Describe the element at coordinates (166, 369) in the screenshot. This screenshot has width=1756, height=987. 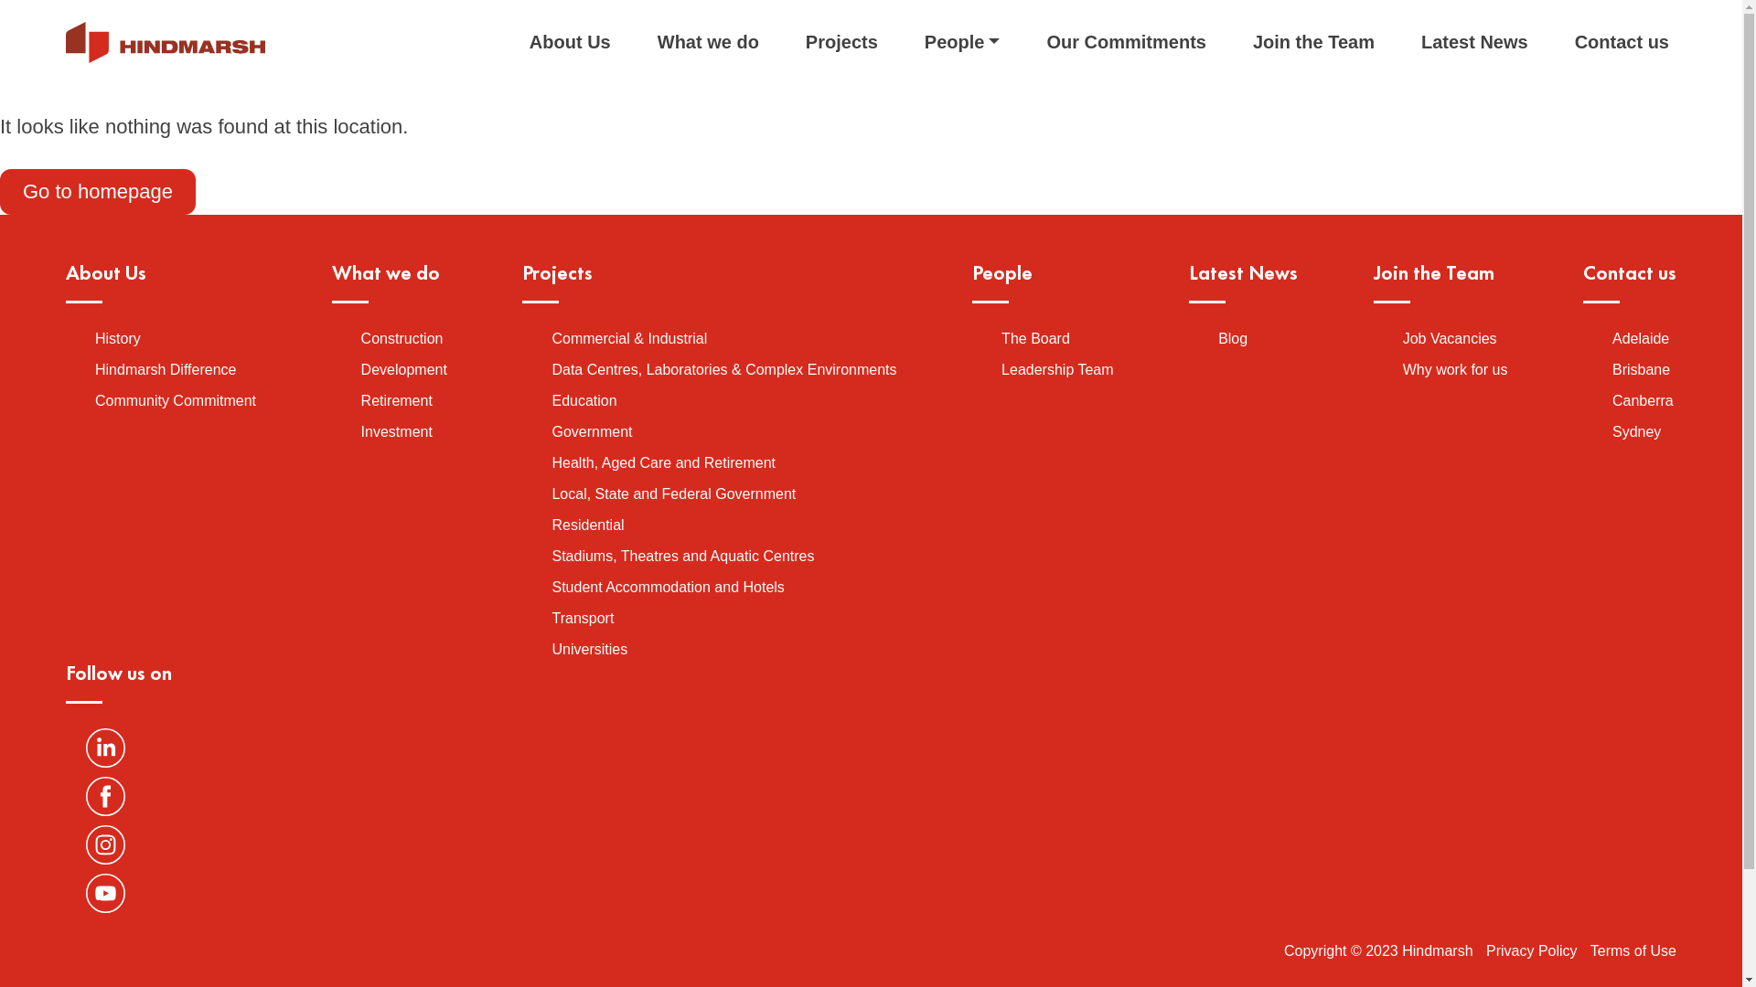
I see `'Hindmarsh Difference'` at that location.